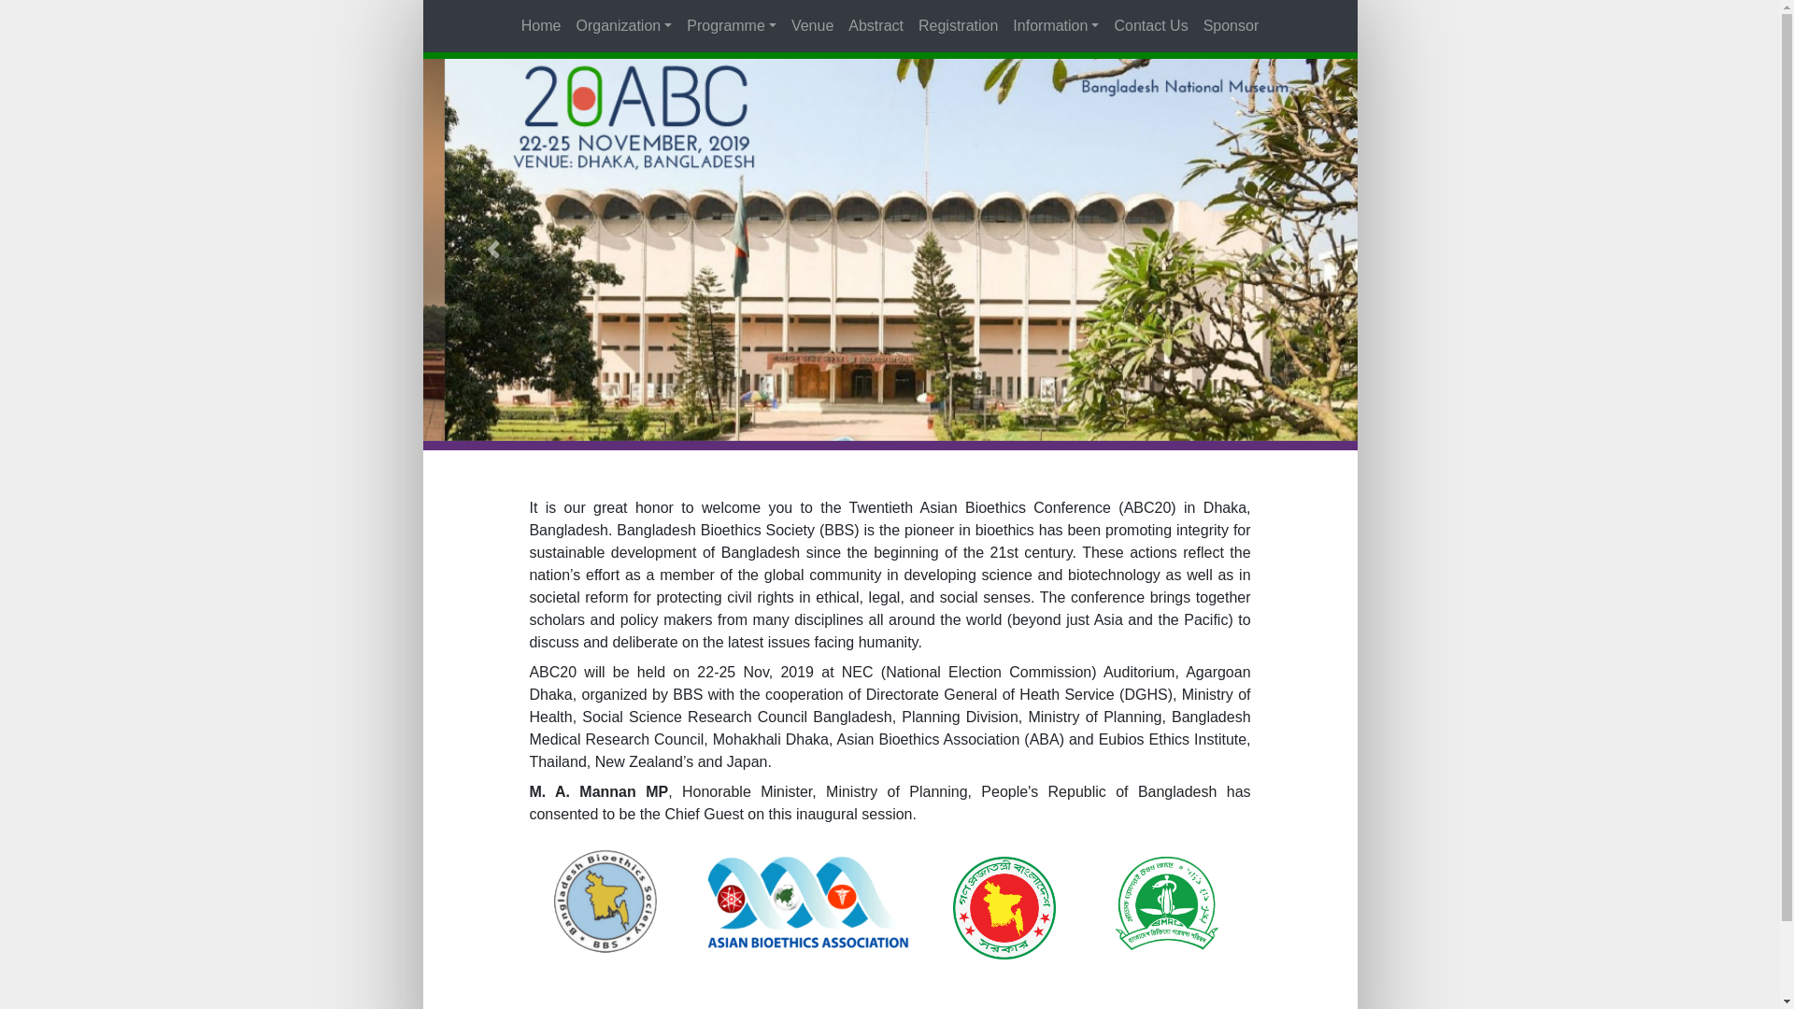 This screenshot has height=1009, width=1794. I want to click on 'Sponsor', so click(1196, 25).